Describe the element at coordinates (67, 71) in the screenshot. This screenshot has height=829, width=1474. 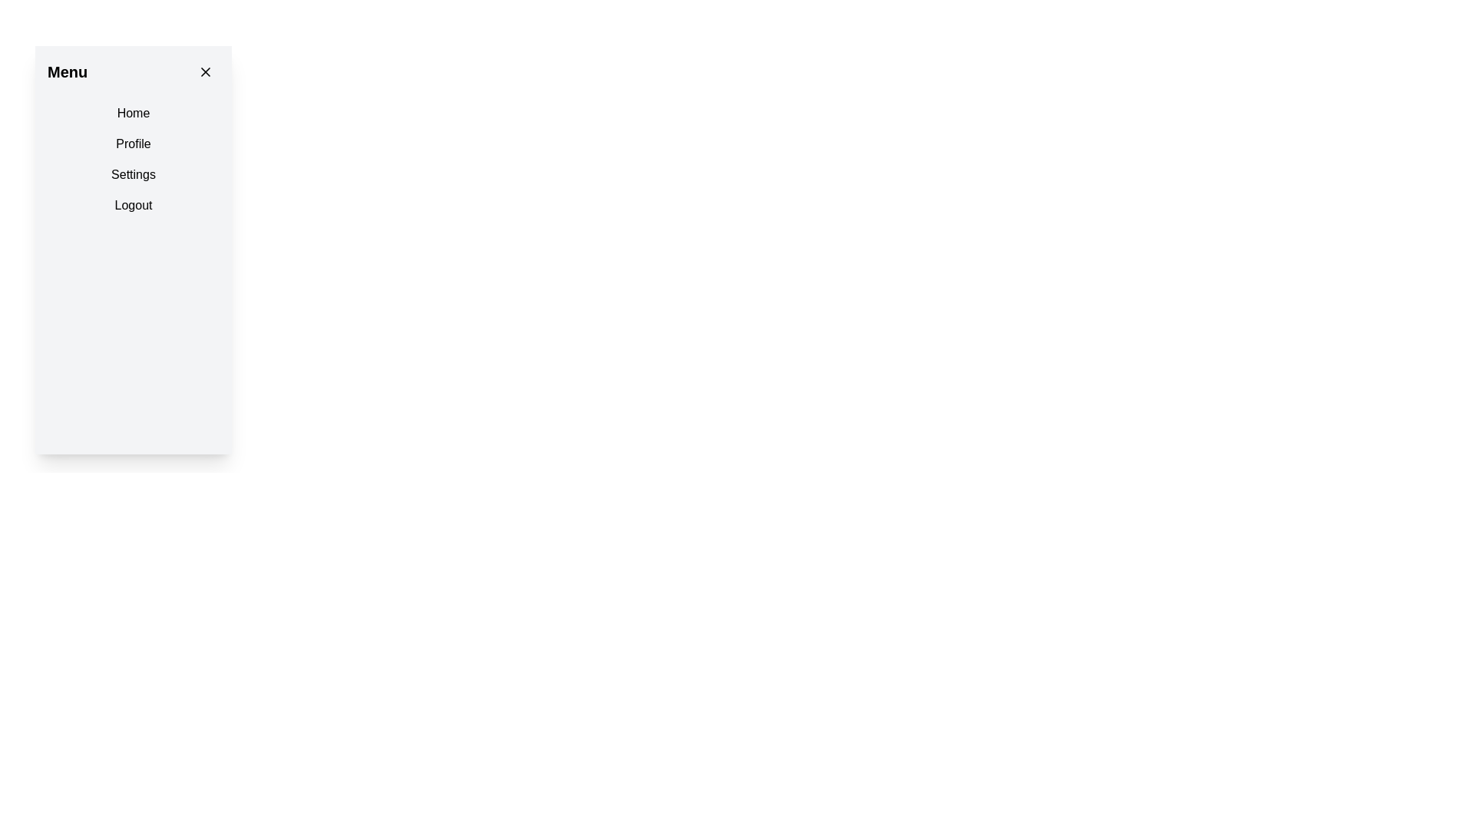
I see `the 'Menu' text label, which is a bold font style element located at the top-left corner of the sidebar menu` at that location.